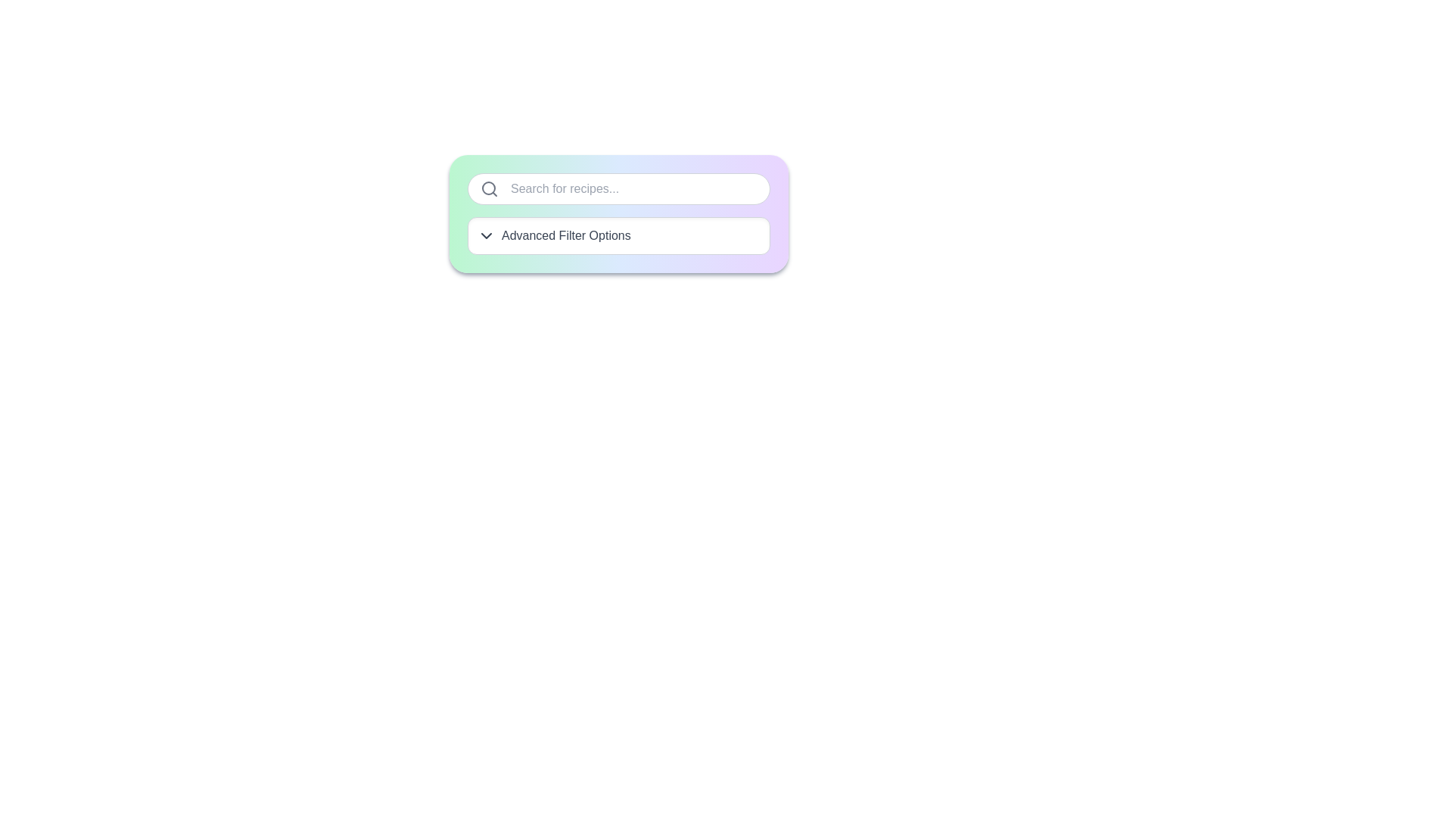  I want to click on the Chevron Down icon, so click(487, 236).